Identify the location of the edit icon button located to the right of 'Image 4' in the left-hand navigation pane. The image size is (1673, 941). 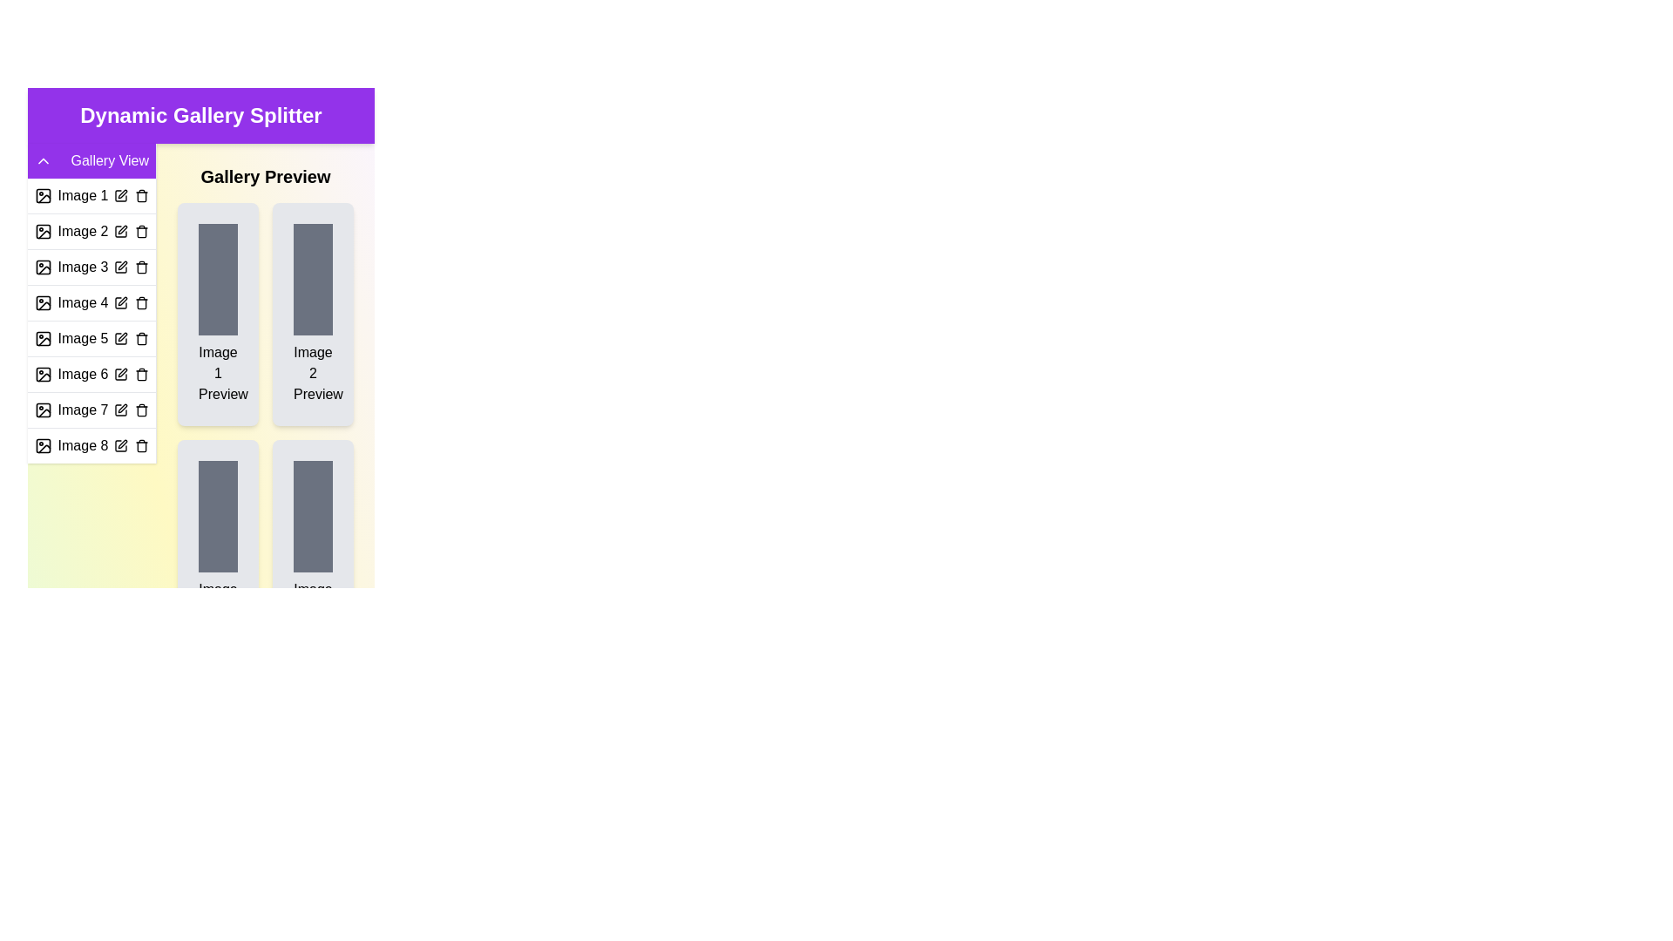
(121, 301).